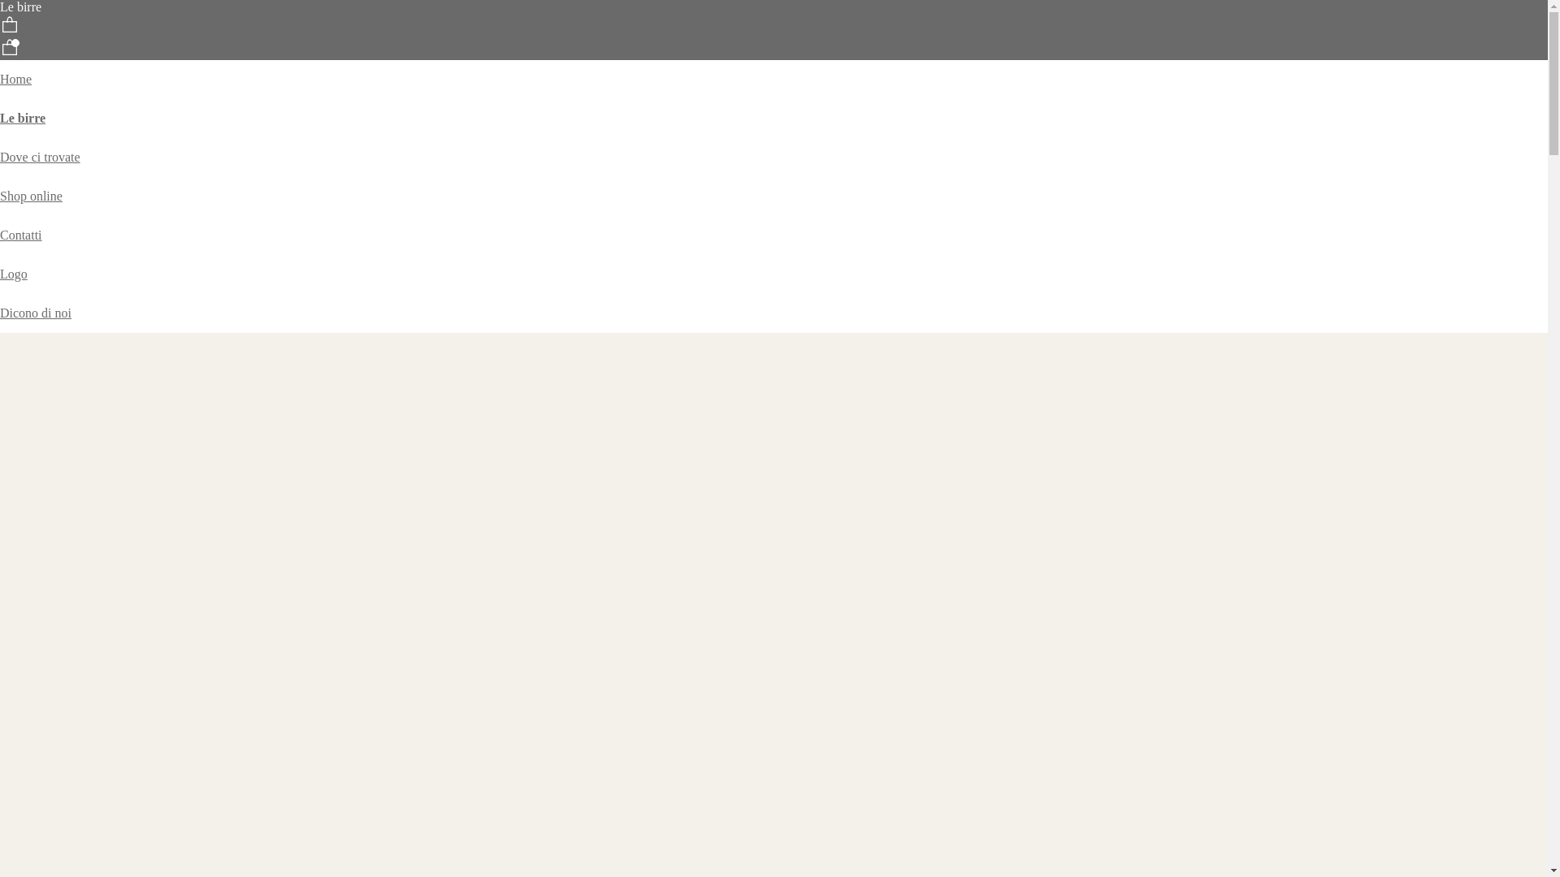 This screenshot has height=877, width=1560. I want to click on 'Contatti', so click(20, 235).